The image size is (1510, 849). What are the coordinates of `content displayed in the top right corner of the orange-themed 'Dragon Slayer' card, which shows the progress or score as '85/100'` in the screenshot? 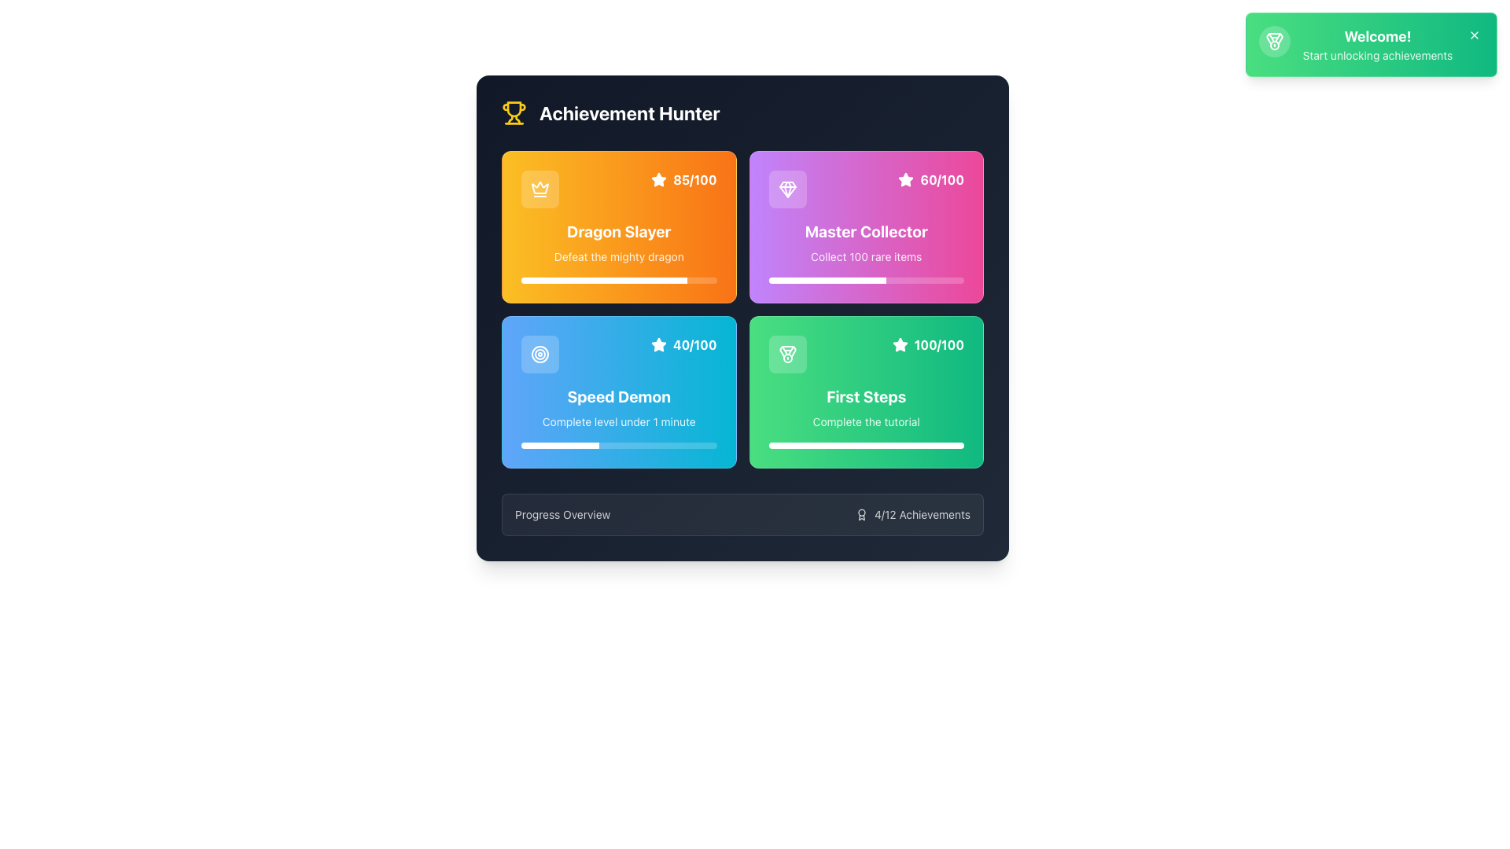 It's located at (618, 188).